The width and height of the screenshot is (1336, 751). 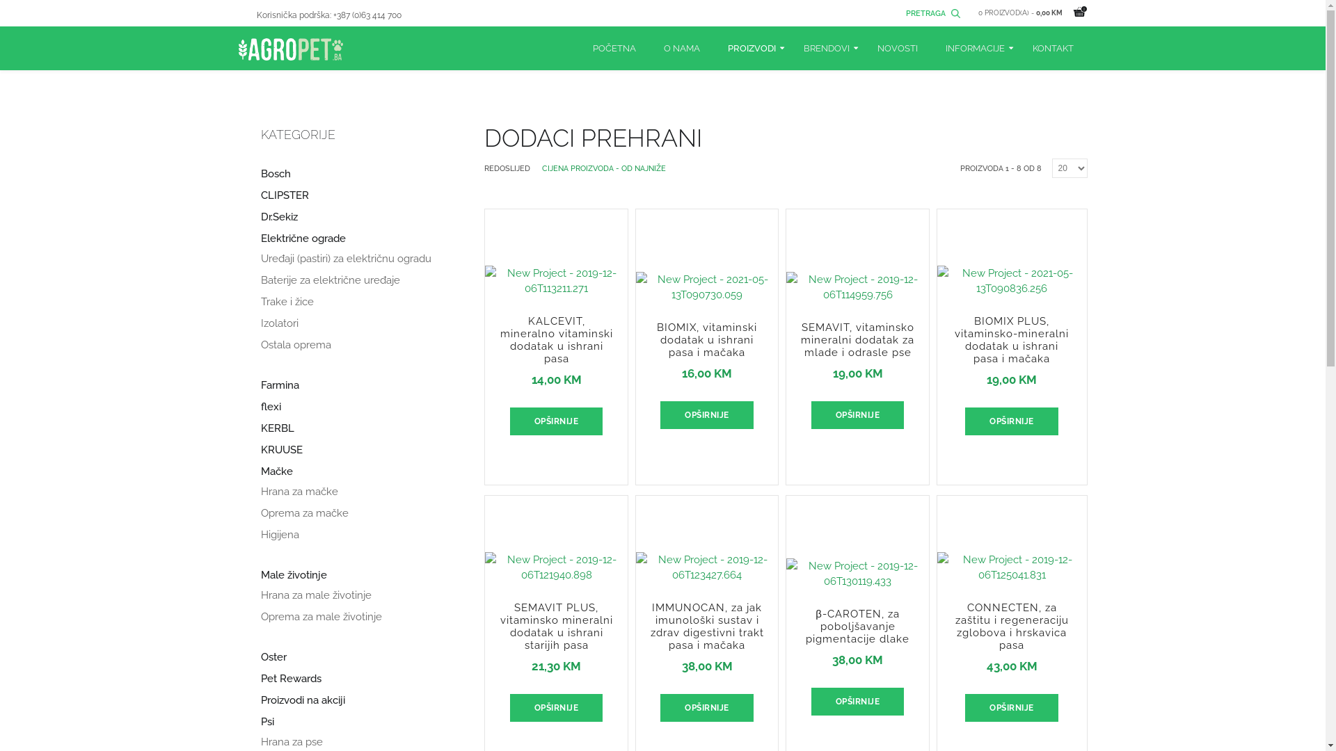 I want to click on 'CLIPSTER', so click(x=260, y=195).